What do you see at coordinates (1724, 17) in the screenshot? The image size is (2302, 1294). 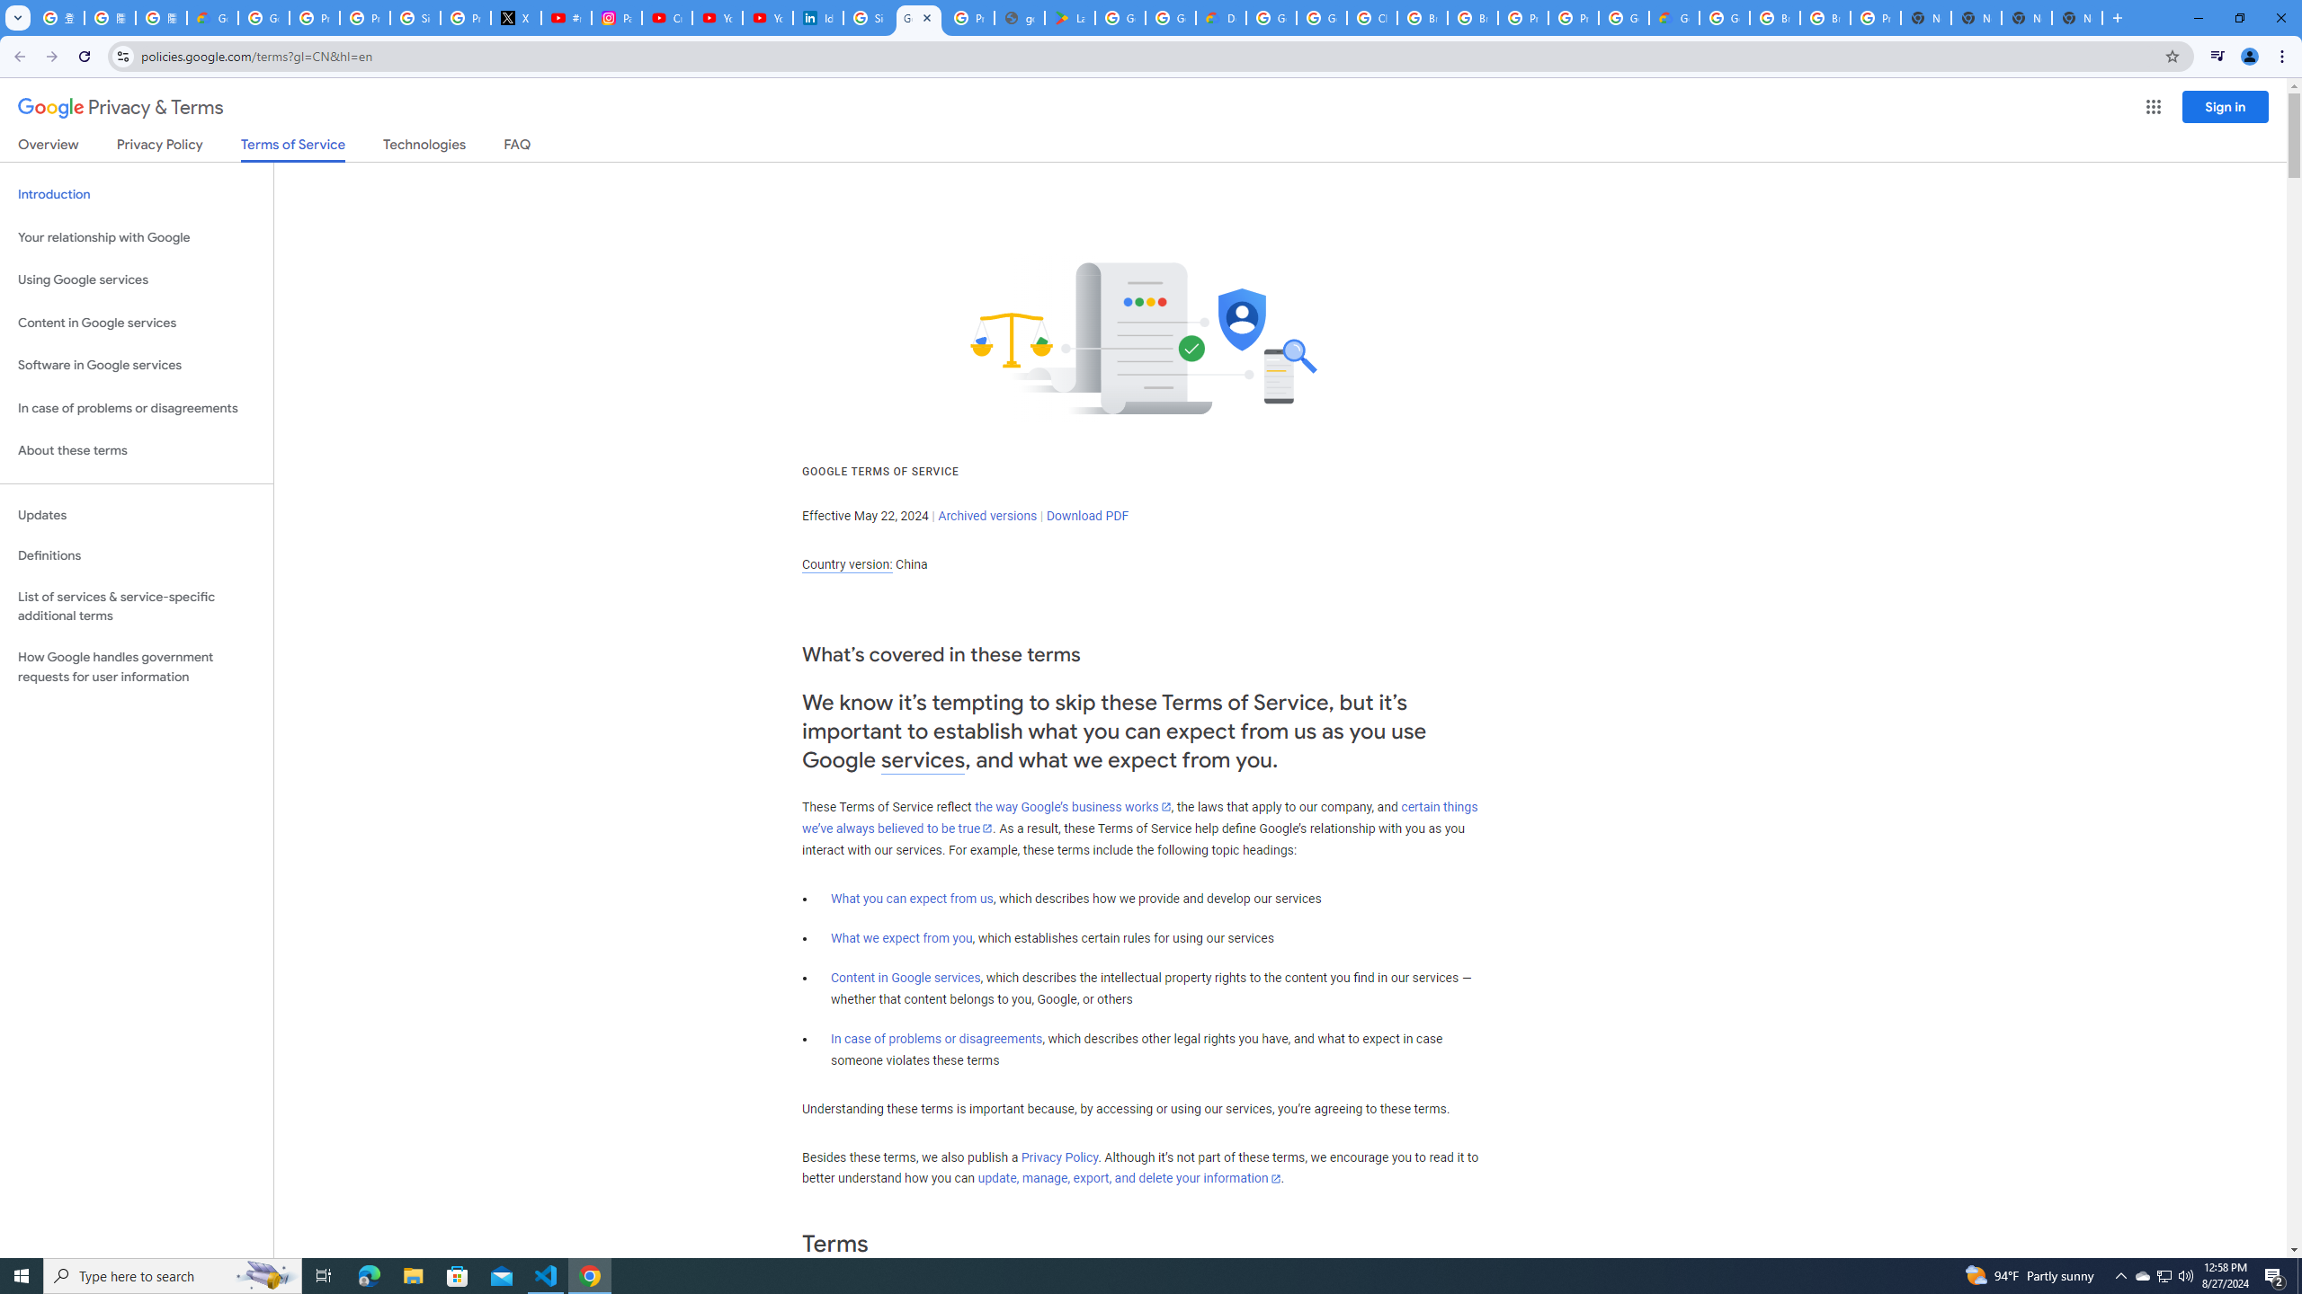 I see `'Google Cloud Platform'` at bounding box center [1724, 17].